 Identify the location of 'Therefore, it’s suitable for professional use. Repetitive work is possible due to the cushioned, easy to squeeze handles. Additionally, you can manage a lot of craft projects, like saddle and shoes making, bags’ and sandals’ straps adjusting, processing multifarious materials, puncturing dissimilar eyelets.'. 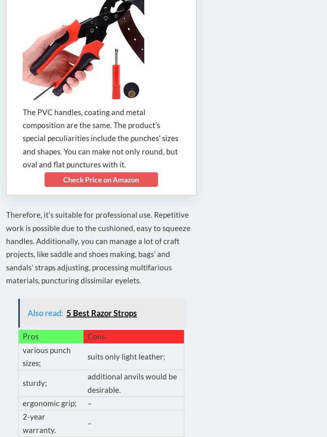
(98, 247).